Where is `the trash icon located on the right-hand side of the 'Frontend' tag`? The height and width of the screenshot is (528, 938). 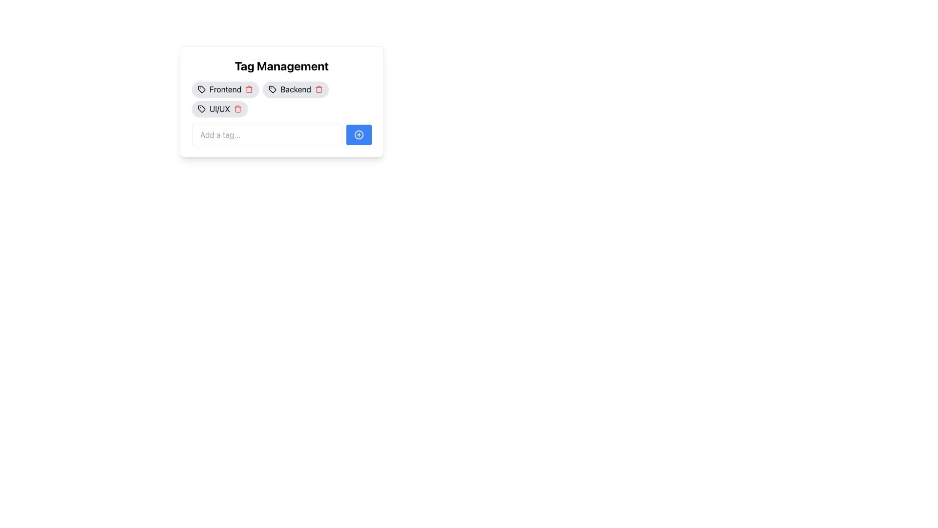
the trash icon located on the right-hand side of the 'Frontend' tag is located at coordinates (249, 89).